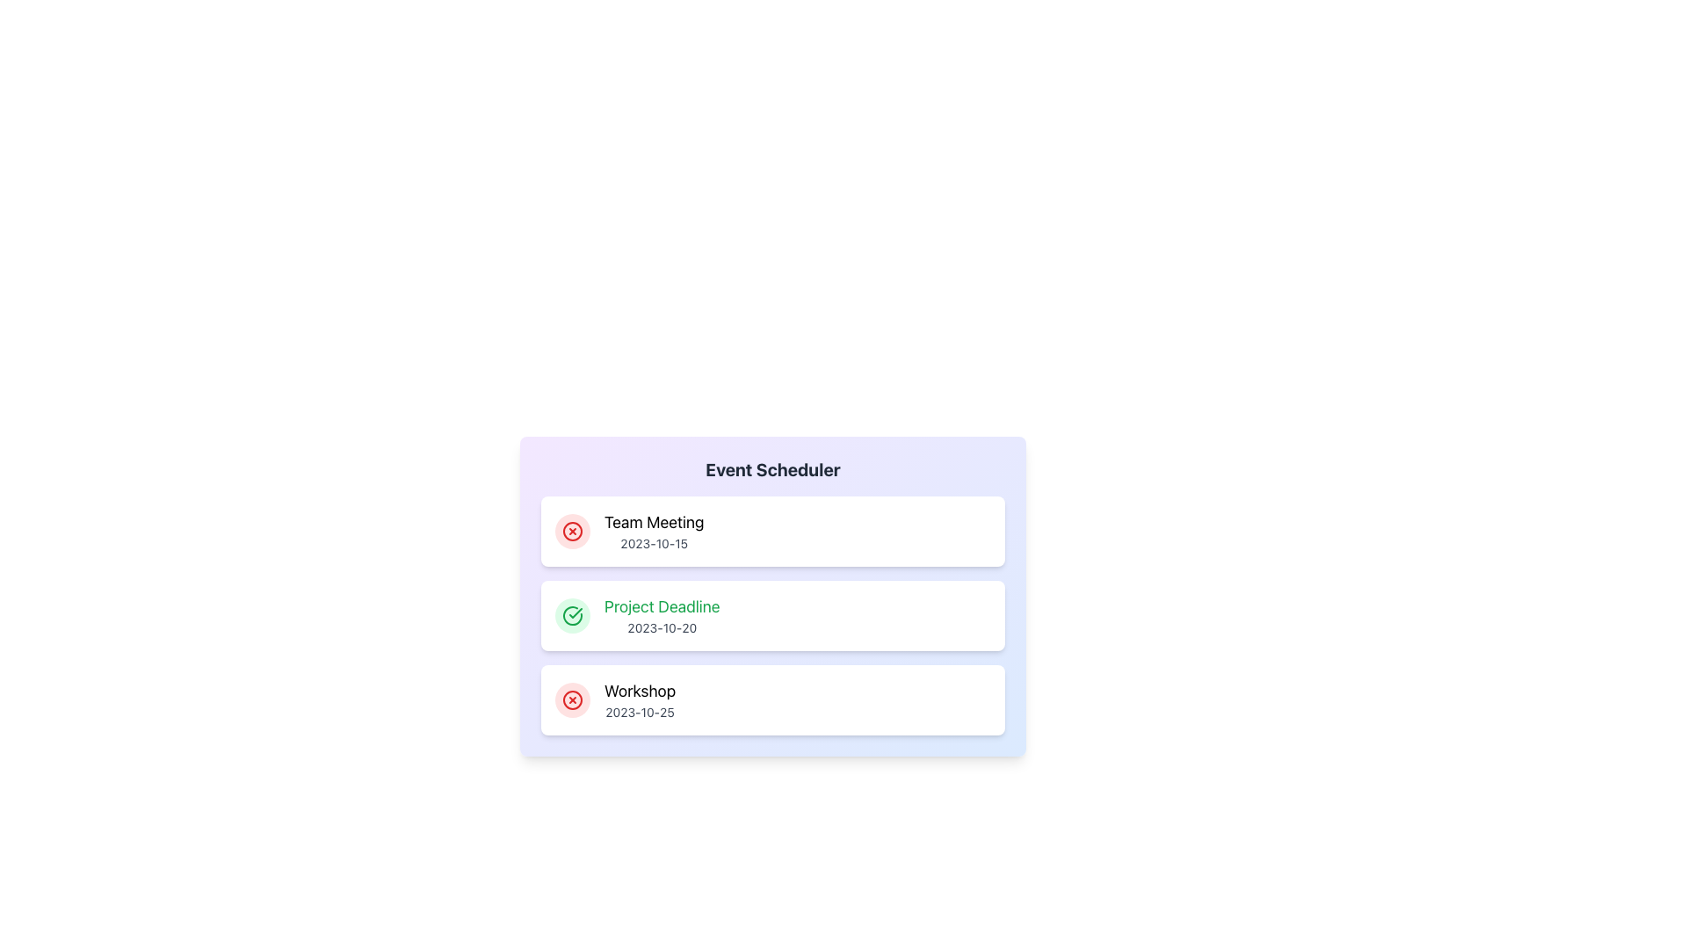 This screenshot has height=949, width=1687. Describe the element at coordinates (772, 615) in the screenshot. I see `the List Item titled 'Project Deadline' to get more information` at that location.